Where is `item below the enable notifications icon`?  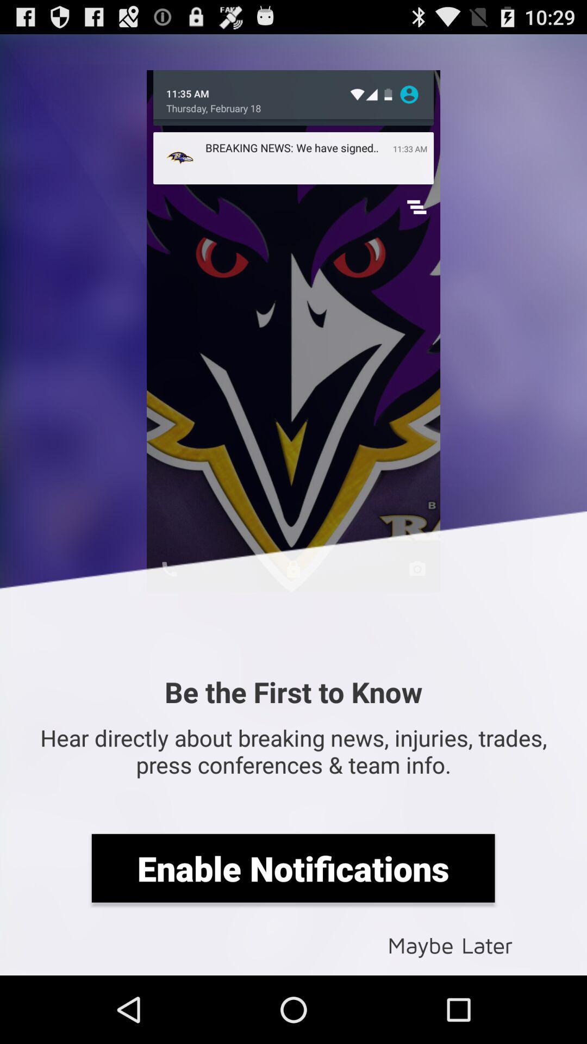
item below the enable notifications icon is located at coordinates (450, 944).